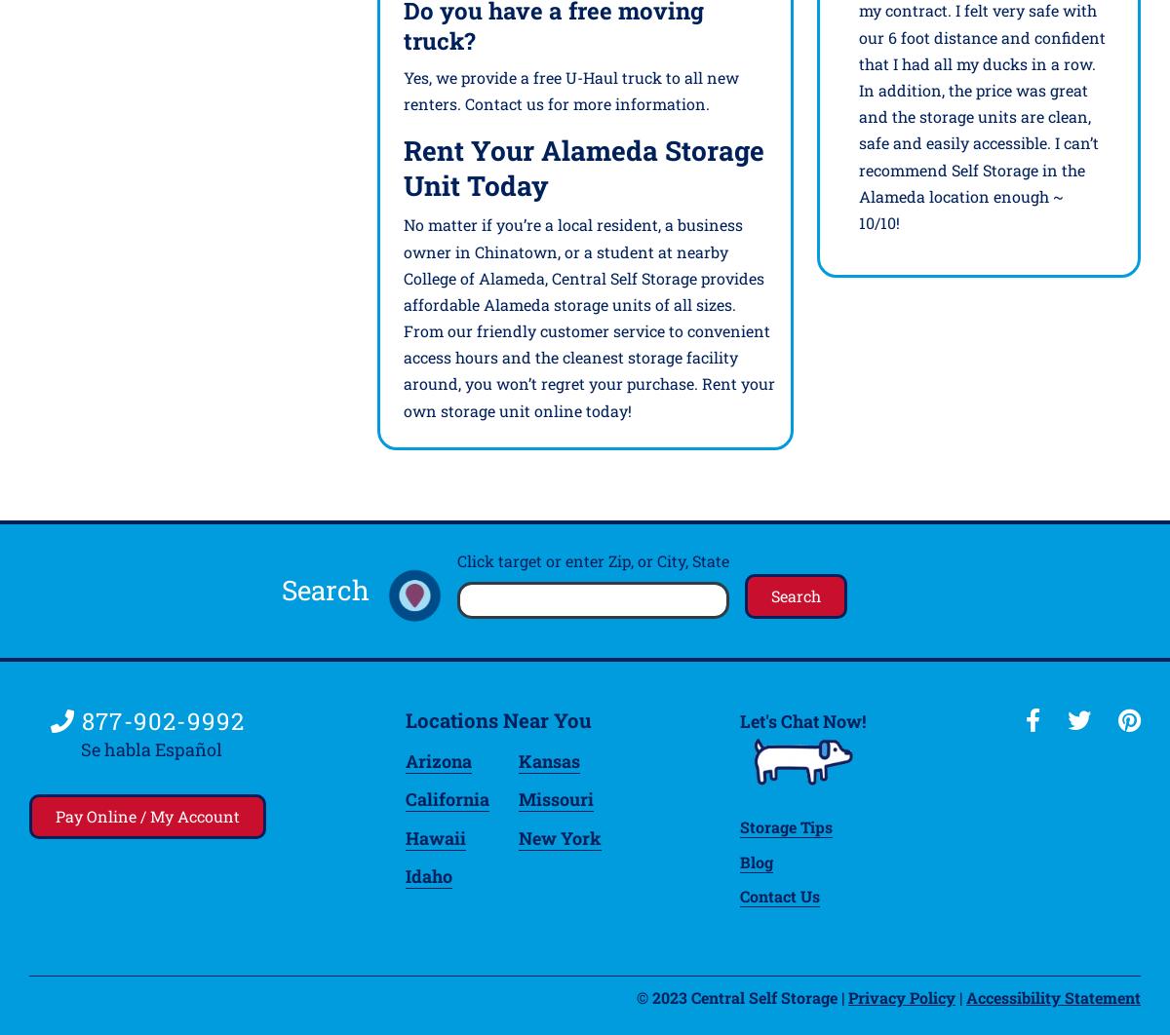 The width and height of the screenshot is (1170, 1035). Describe the element at coordinates (56, 815) in the screenshot. I see `'Pay Online /
                    My Account'` at that location.